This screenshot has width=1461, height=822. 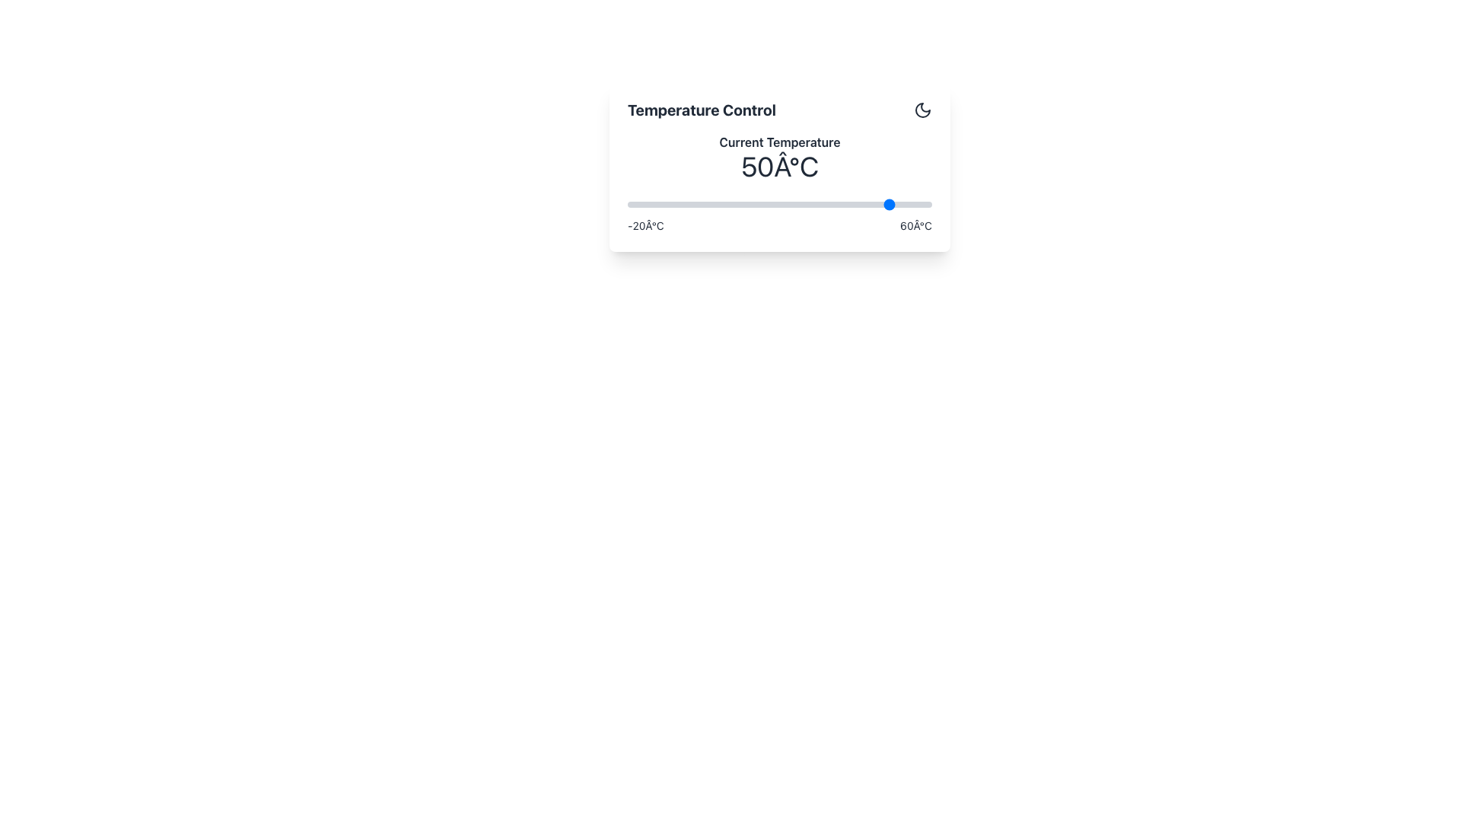 What do you see at coordinates (749, 204) in the screenshot?
I see `the temperature` at bounding box center [749, 204].